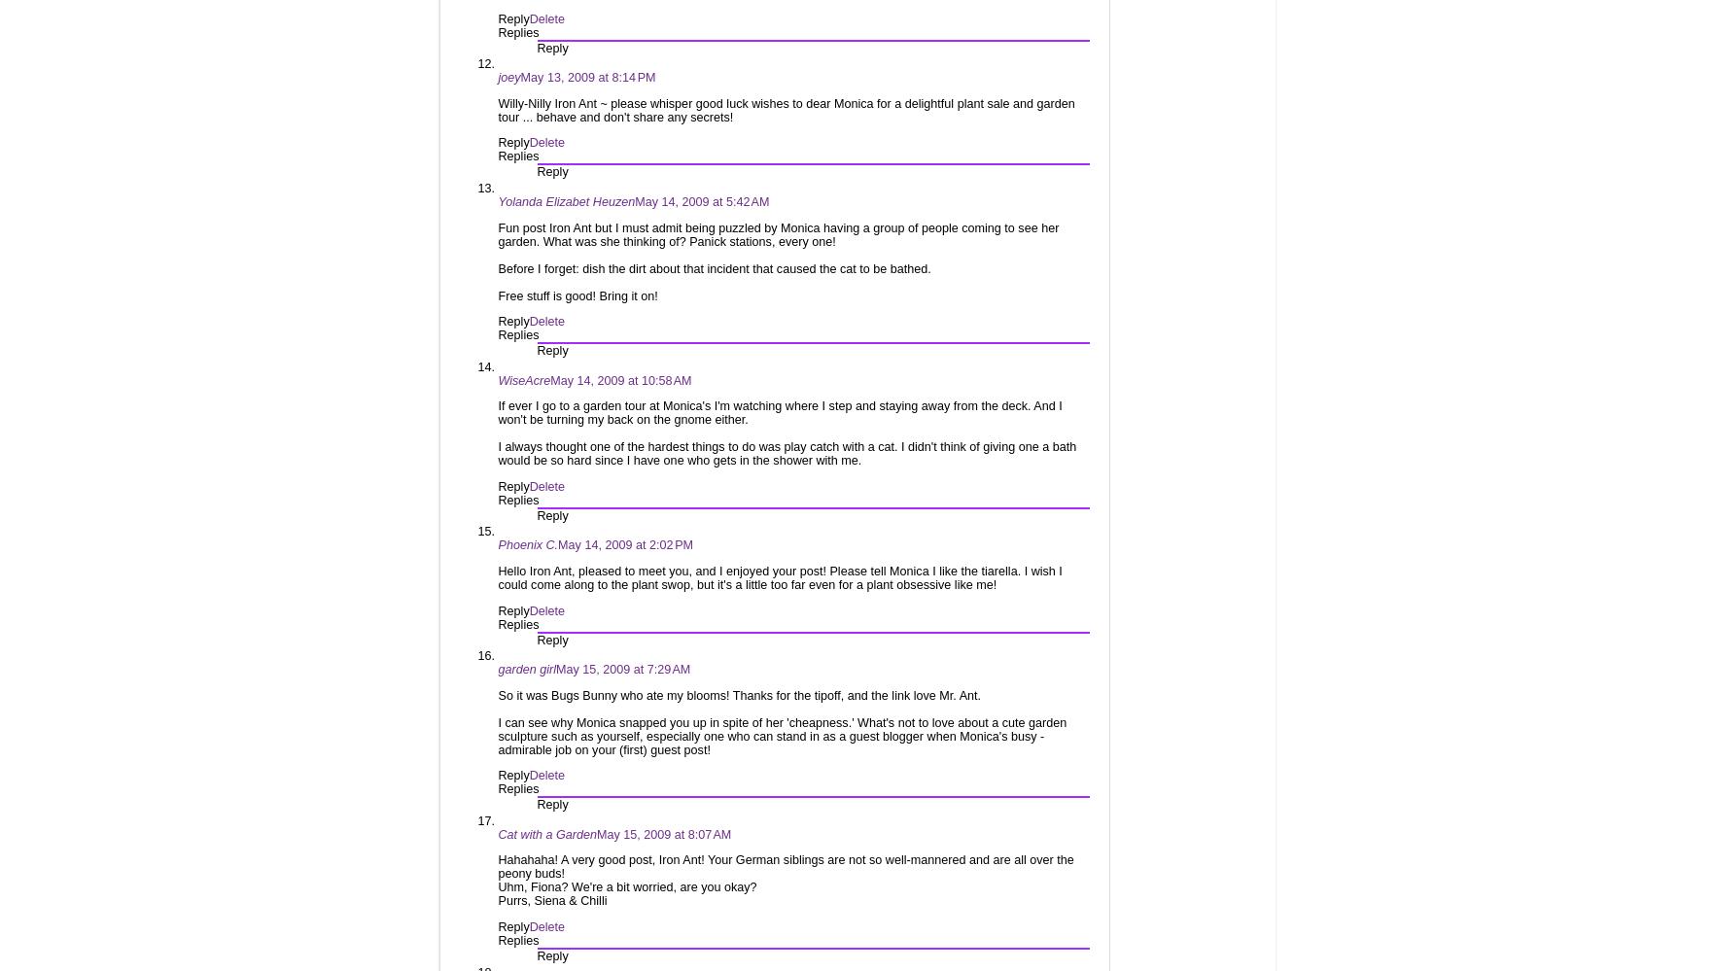  I want to click on 'garden girl', so click(526, 670).